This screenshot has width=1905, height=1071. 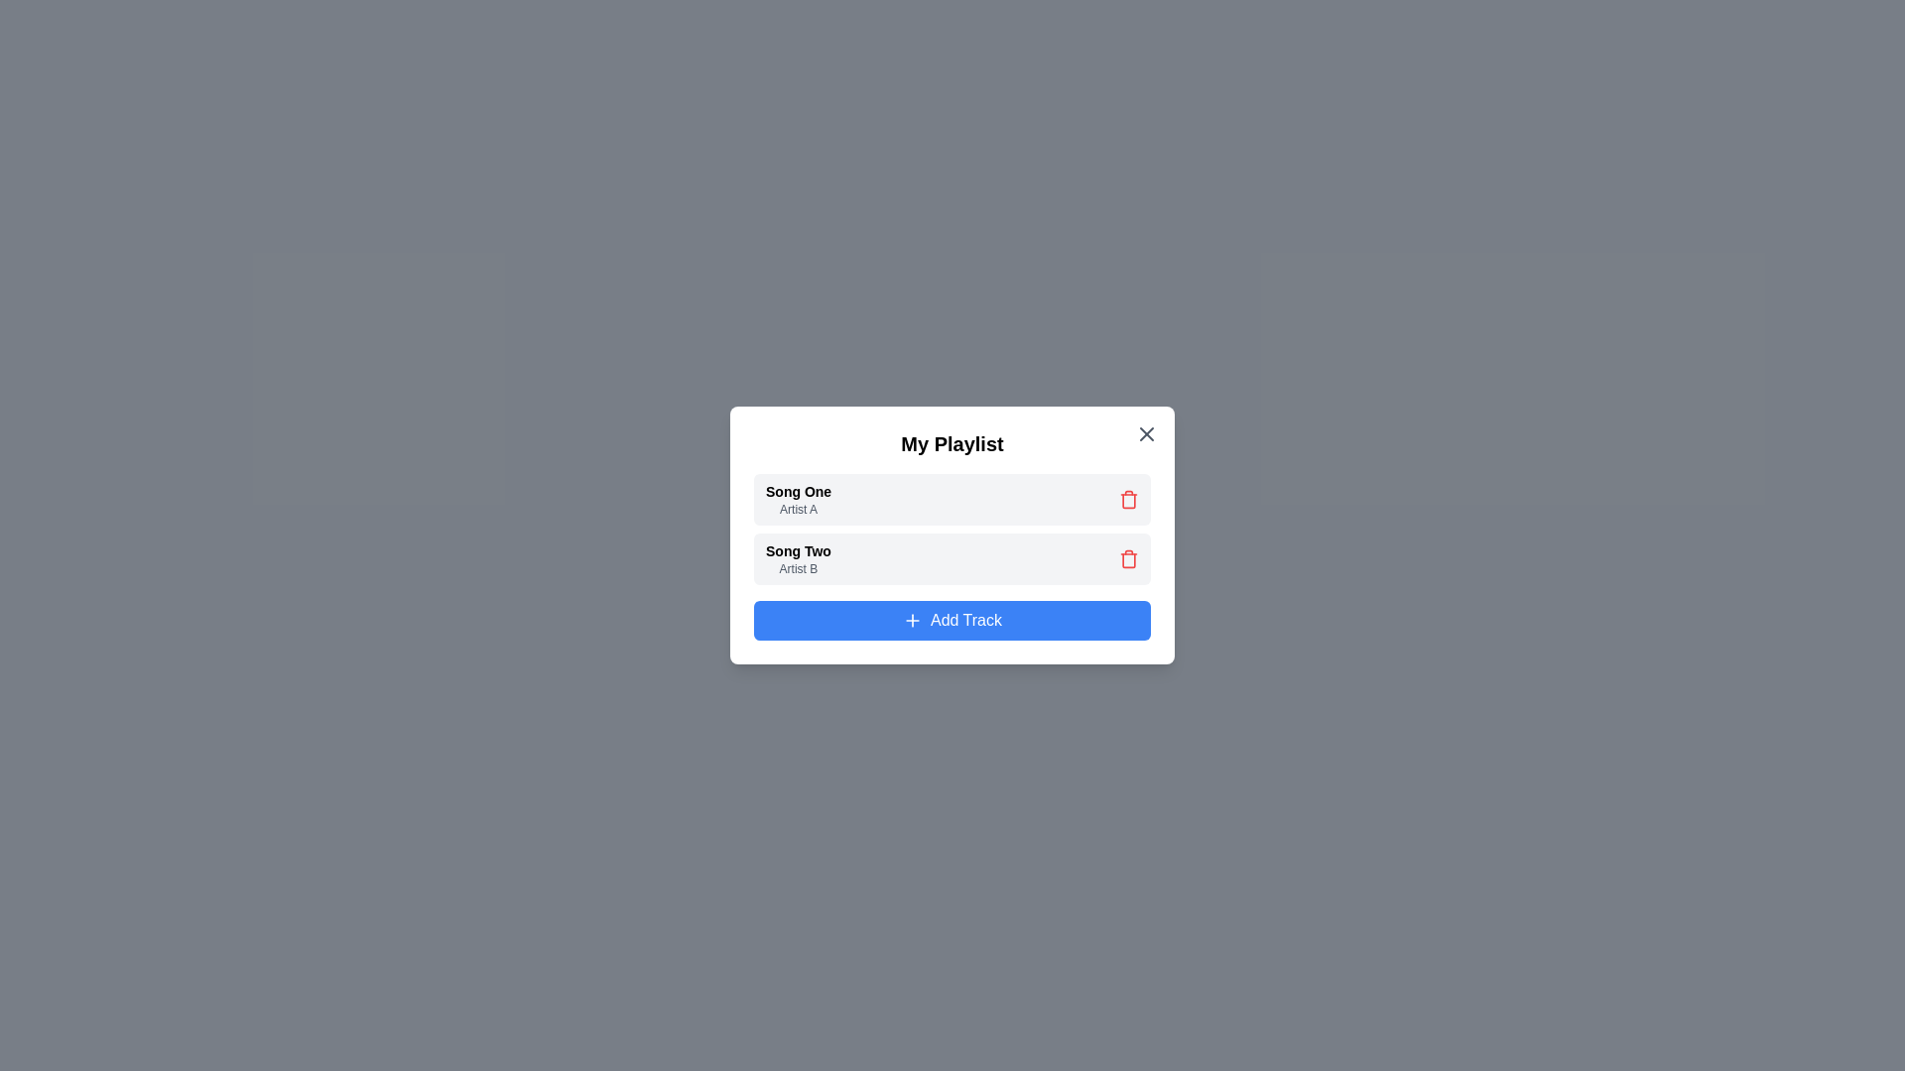 I want to click on the list item box displaying 'Song Two' by 'Artist B', so click(x=952, y=558).